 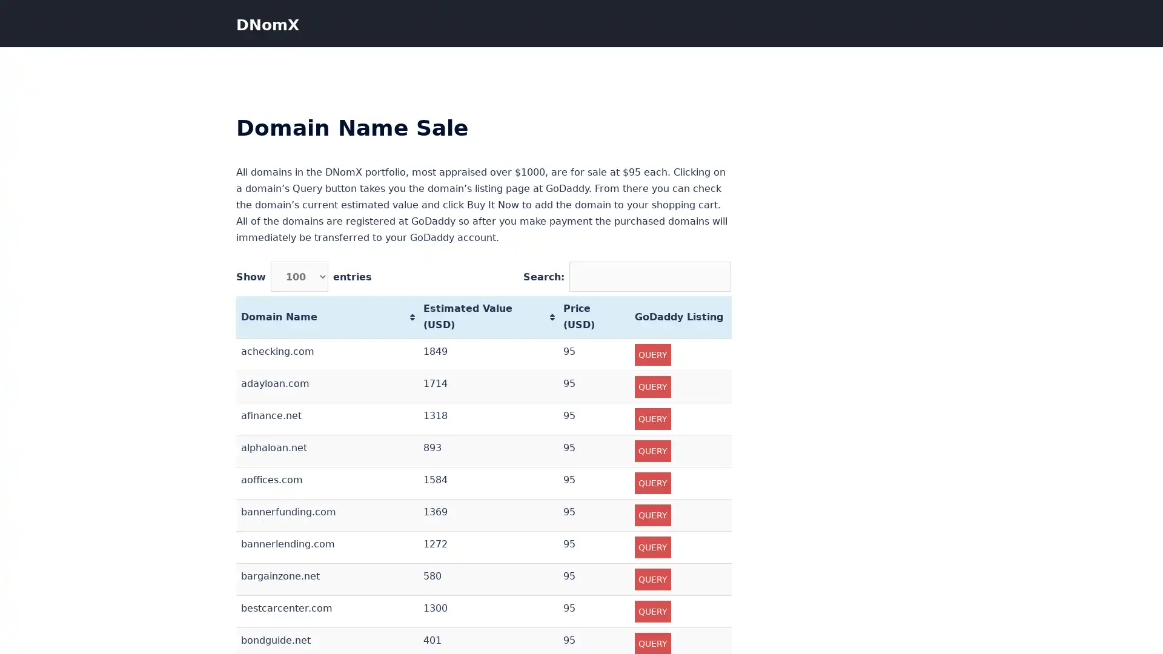 What do you see at coordinates (651, 418) in the screenshot?
I see `QUERY` at bounding box center [651, 418].